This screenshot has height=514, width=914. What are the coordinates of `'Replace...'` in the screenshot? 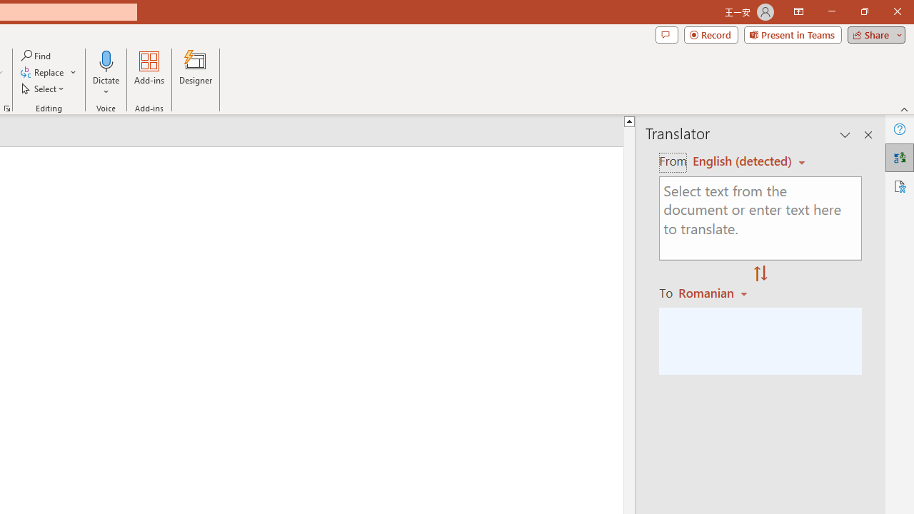 It's located at (49, 72).